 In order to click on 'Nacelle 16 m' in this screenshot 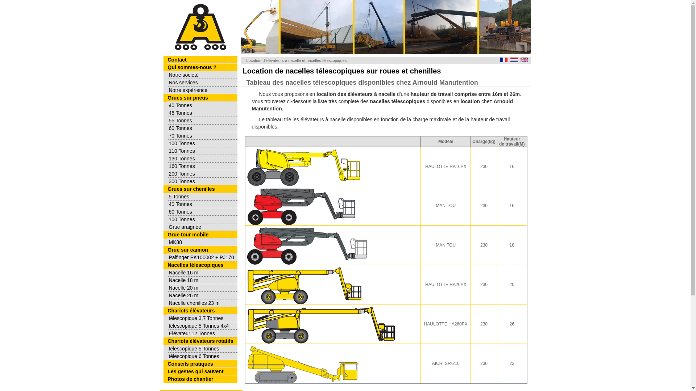, I will do `click(168, 273)`.